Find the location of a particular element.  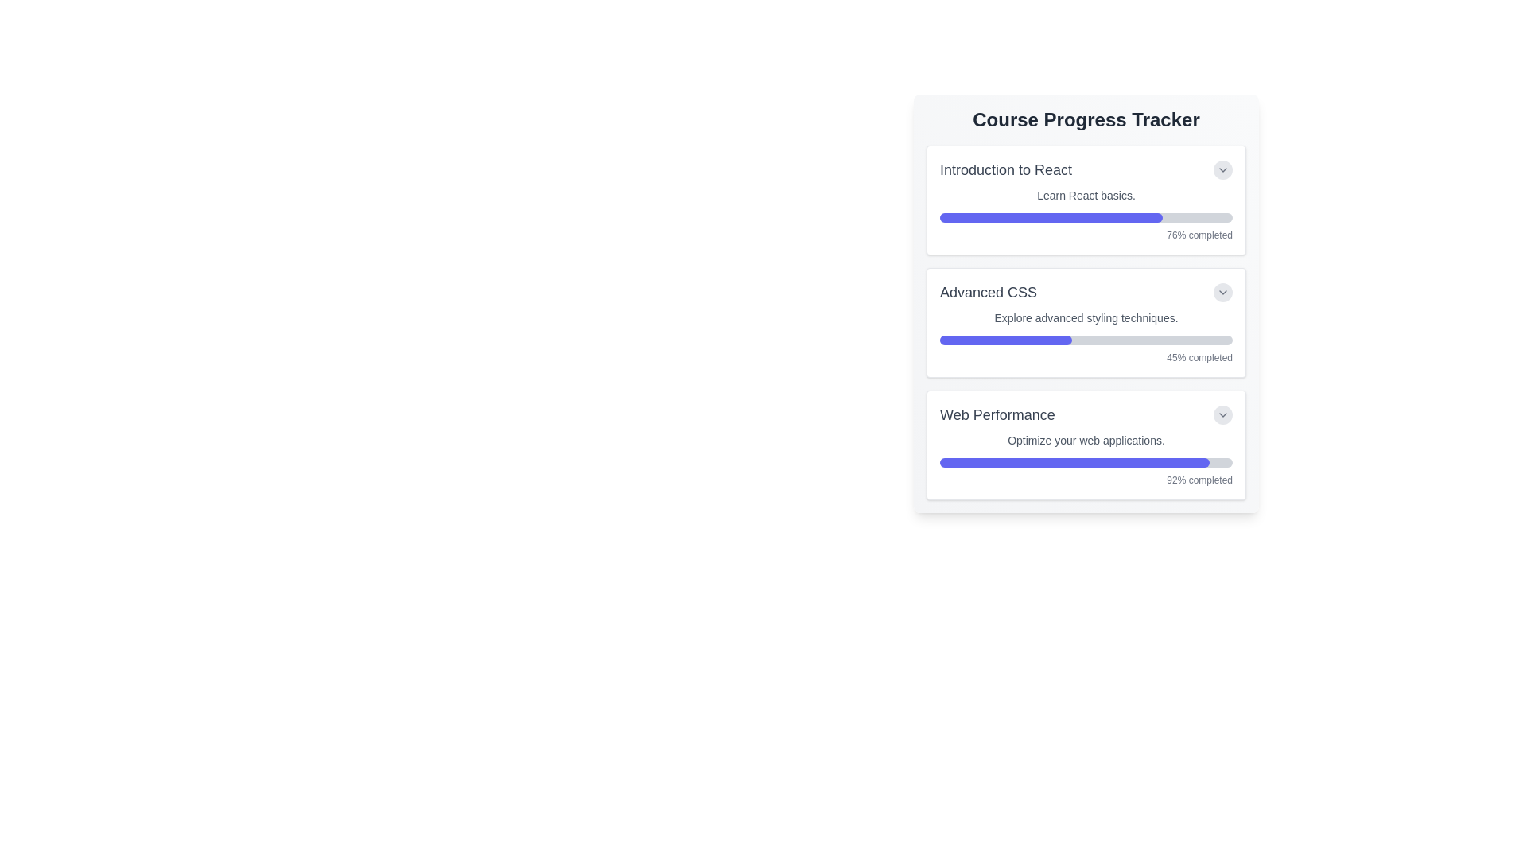

the descriptive subtitle of the course 'Introduction to React' to trigger a tooltip or additional action is located at coordinates (1086, 195).